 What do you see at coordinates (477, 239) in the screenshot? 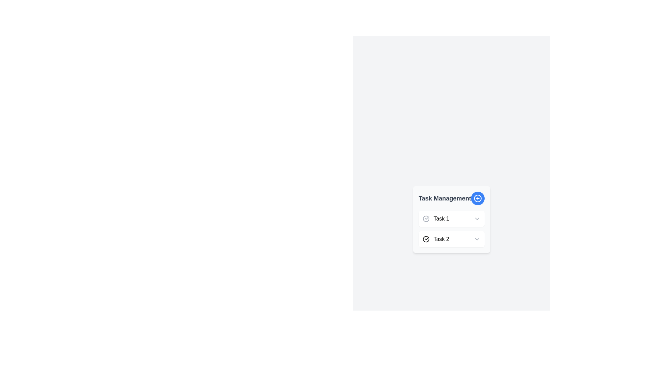
I see `the Dropdown indicator (chevron icon) located at the far right of the 'Task 2' row` at bounding box center [477, 239].